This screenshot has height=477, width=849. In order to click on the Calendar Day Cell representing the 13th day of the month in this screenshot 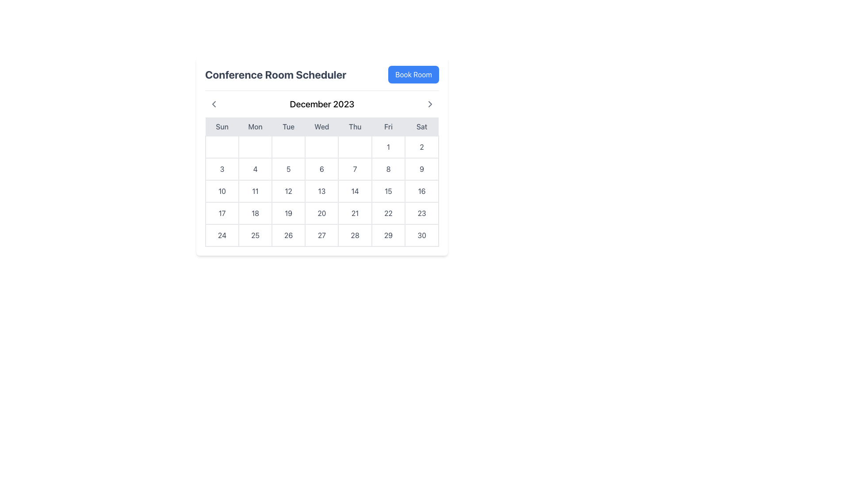, I will do `click(321, 190)`.